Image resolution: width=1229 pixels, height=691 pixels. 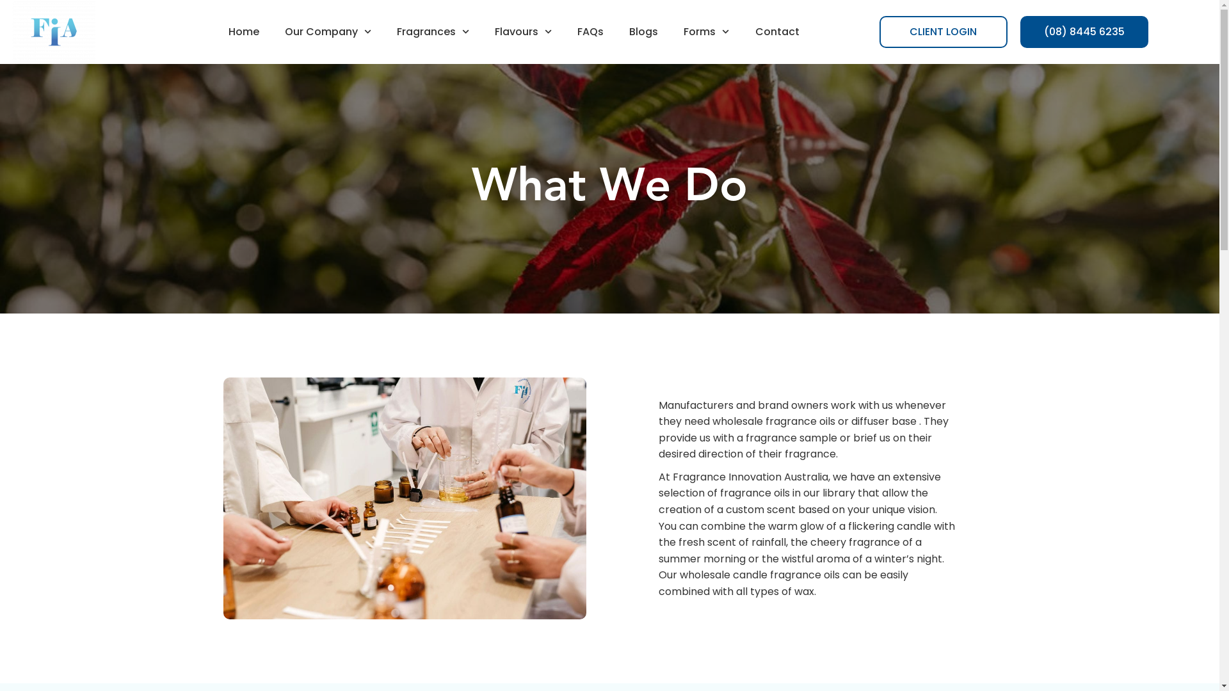 I want to click on '(08) 8445 6235', so click(x=1084, y=31).